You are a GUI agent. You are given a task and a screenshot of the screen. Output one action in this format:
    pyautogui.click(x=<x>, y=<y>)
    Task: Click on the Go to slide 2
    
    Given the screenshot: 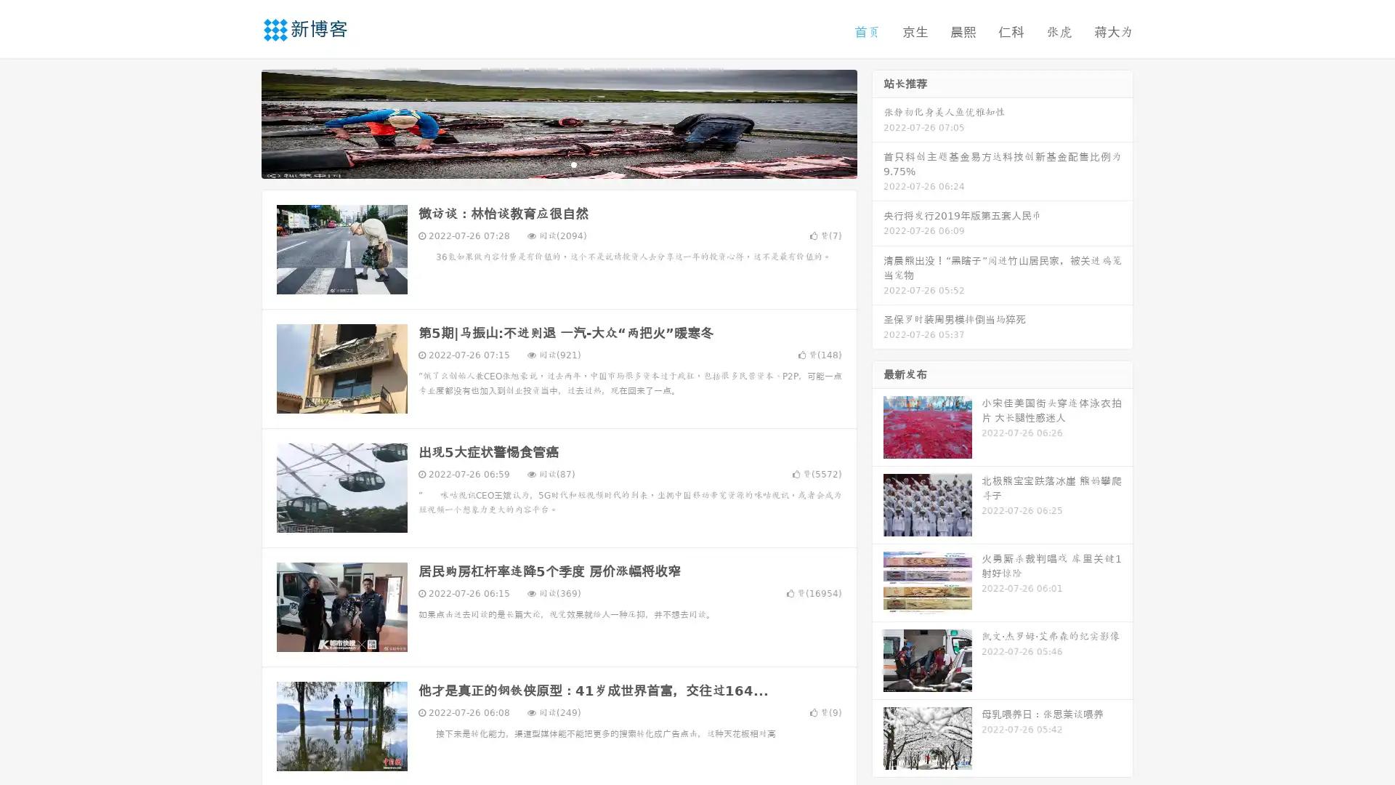 What is the action you would take?
    pyautogui.click(x=558, y=164)
    